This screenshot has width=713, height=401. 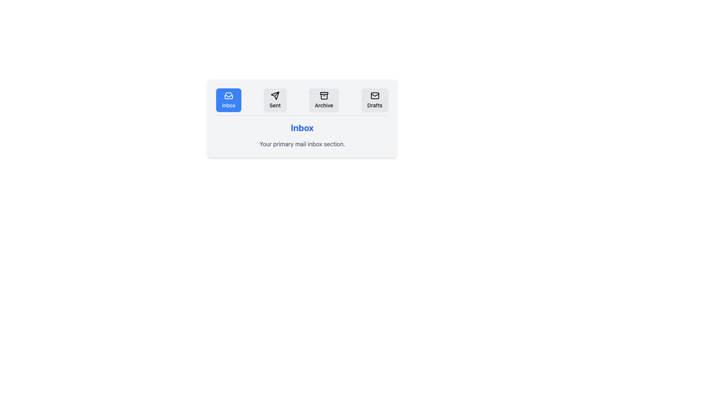 What do you see at coordinates (324, 93) in the screenshot?
I see `the horizontal bar element positioned near the top of the 'Archive' icon, which is styled with a solid fill` at bounding box center [324, 93].